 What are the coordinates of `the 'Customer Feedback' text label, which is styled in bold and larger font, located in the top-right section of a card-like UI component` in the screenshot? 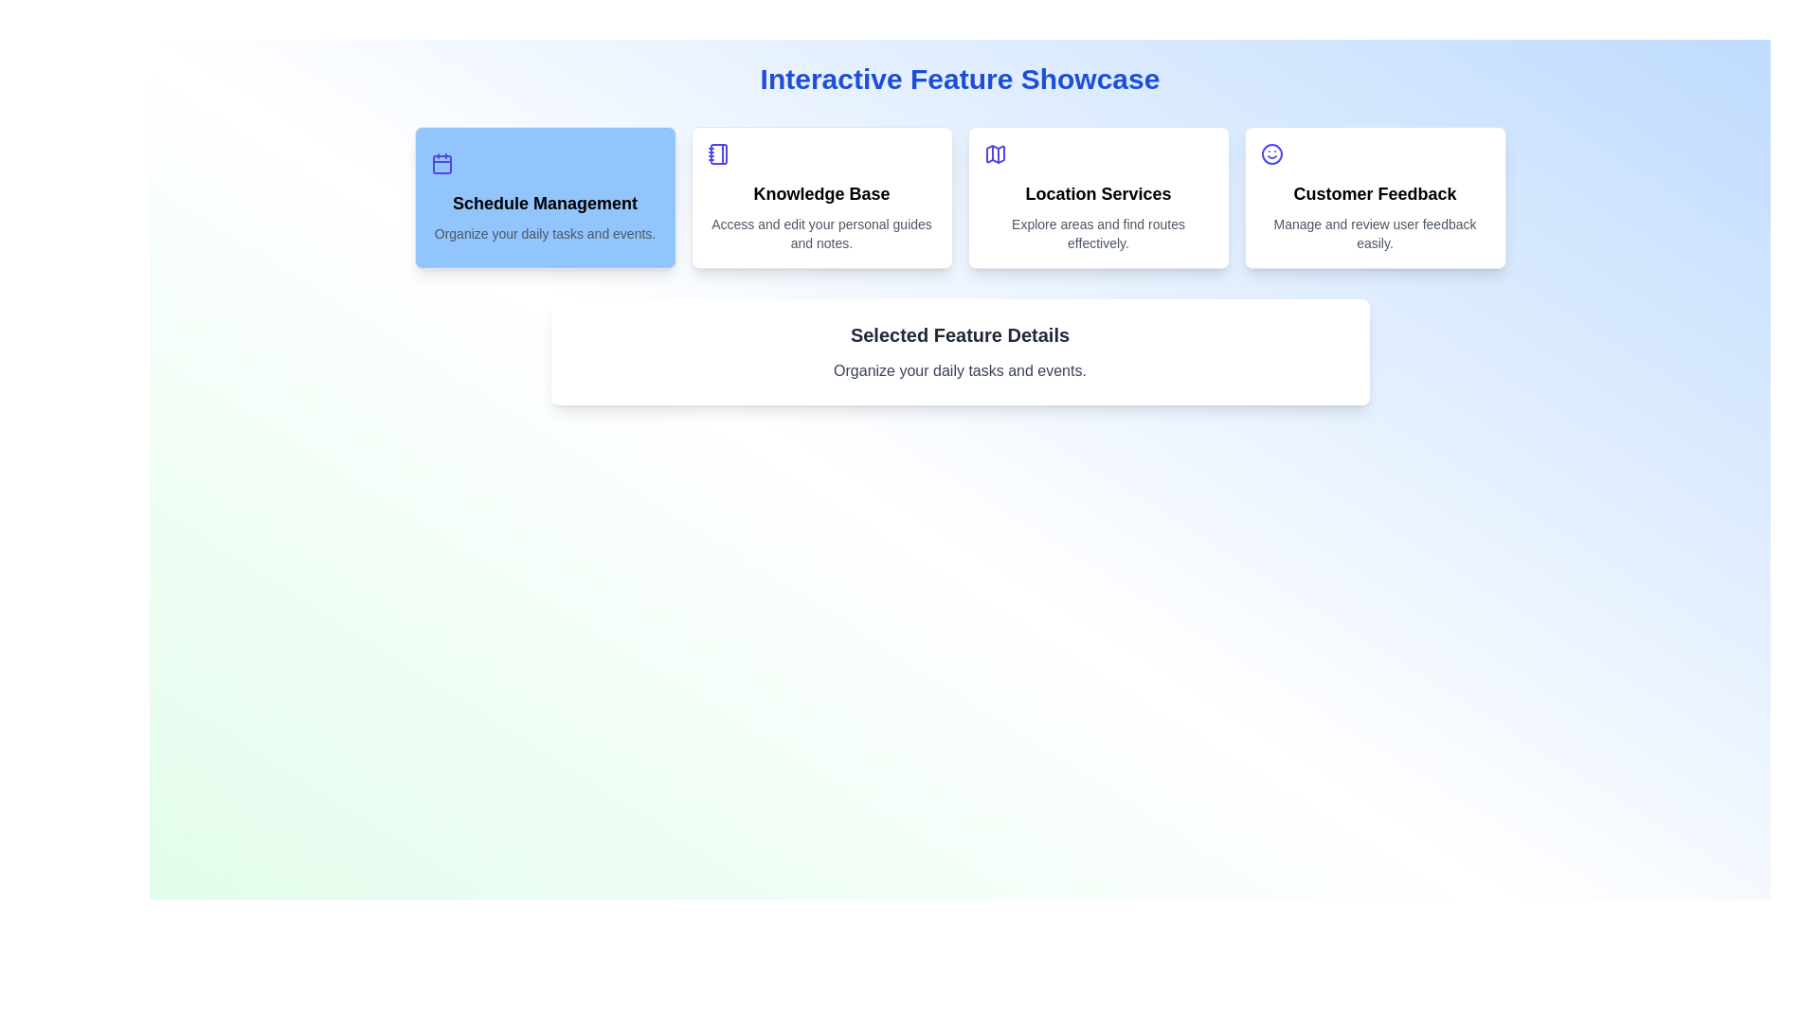 It's located at (1375, 193).